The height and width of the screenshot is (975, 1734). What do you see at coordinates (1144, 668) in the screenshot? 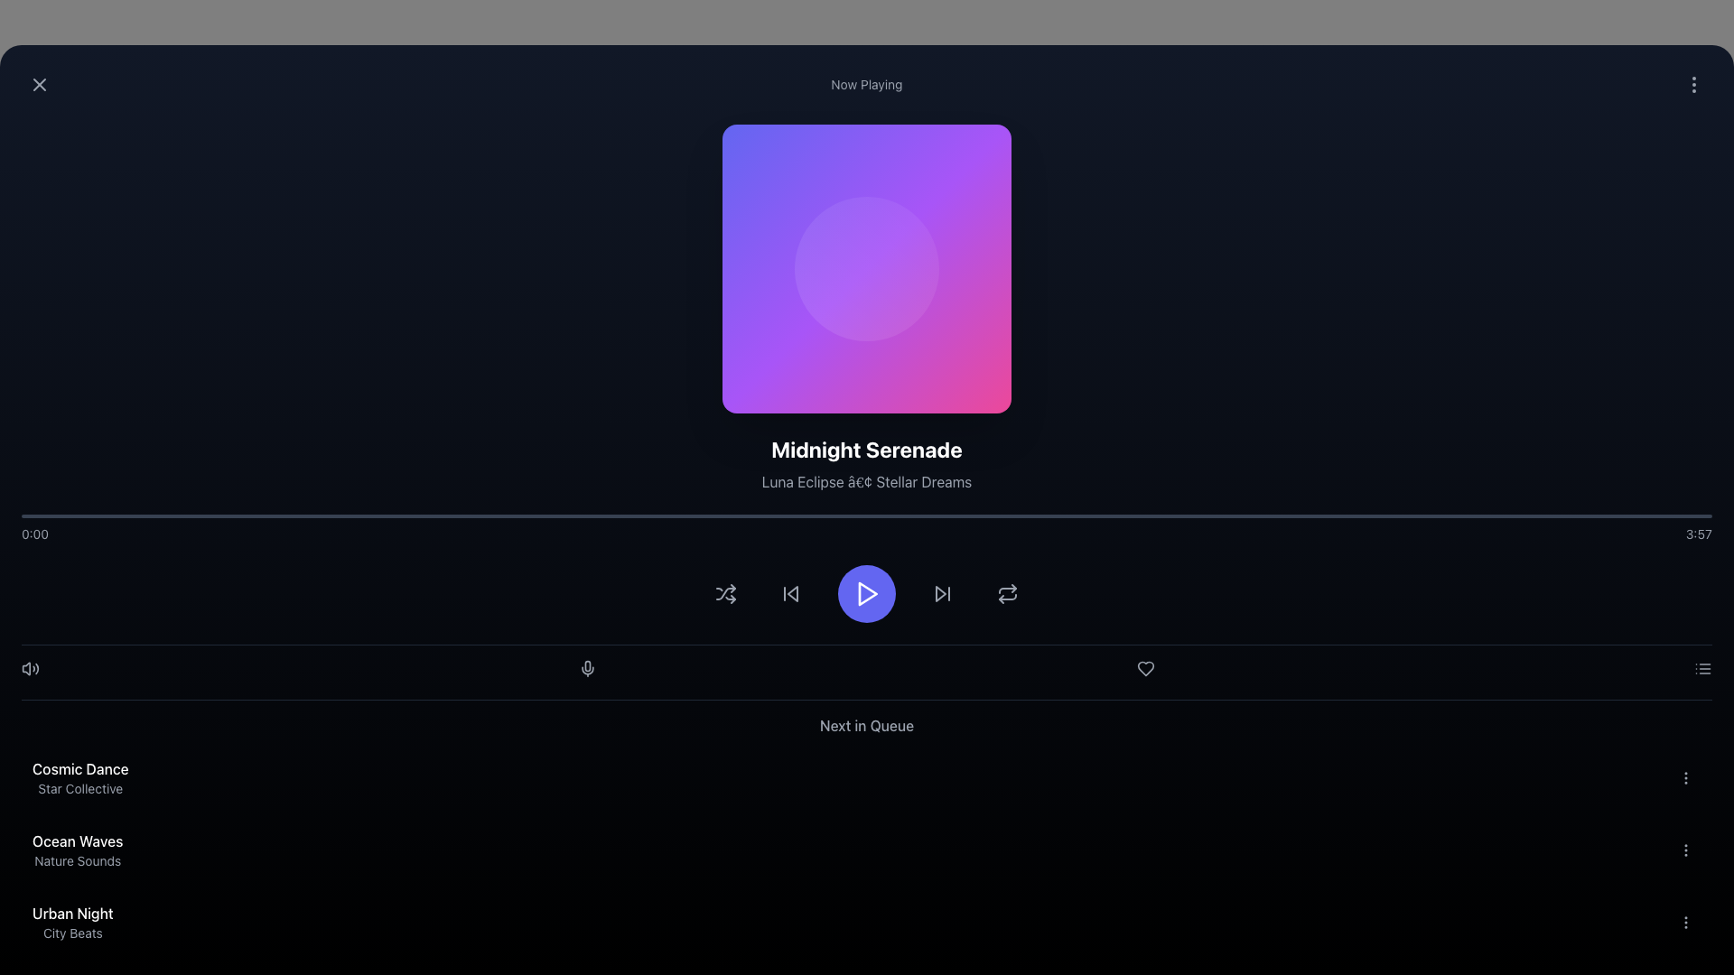
I see `the like button located towards the right in a horizontal row of interactive elements near the bottom of the interface, which changes its color to white` at bounding box center [1144, 668].